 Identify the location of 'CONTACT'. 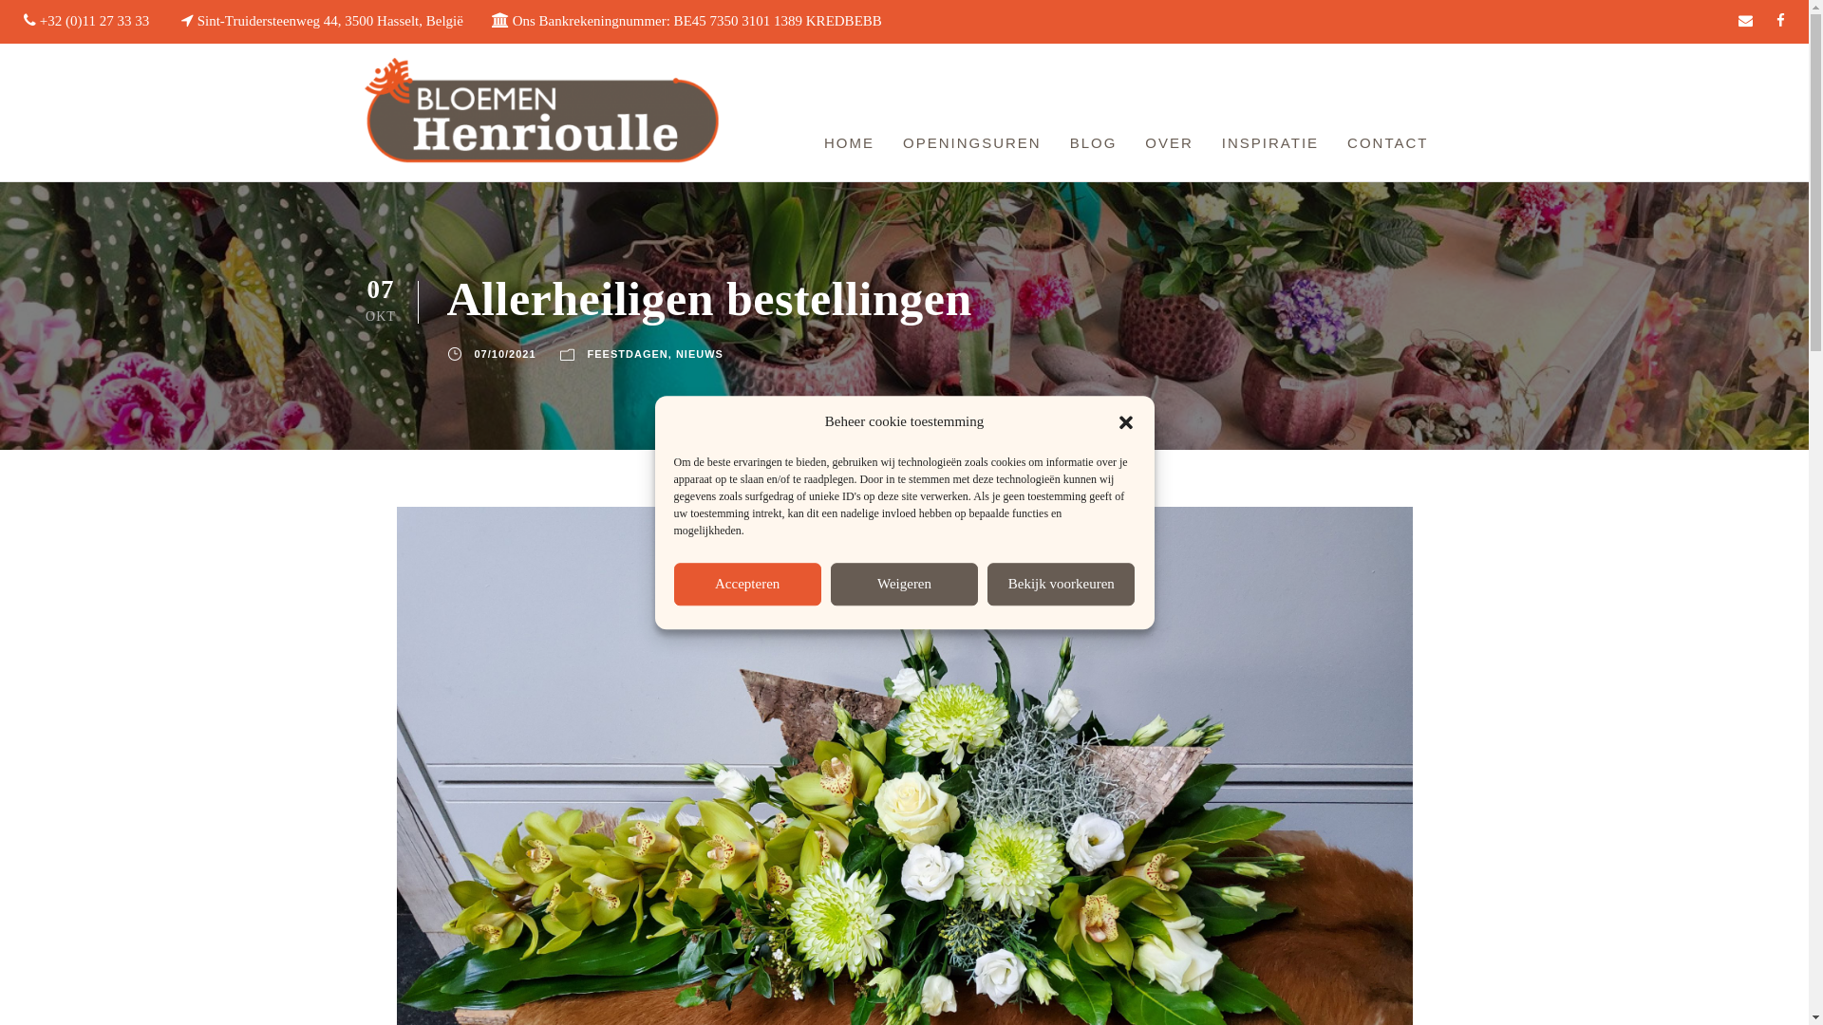
(1387, 145).